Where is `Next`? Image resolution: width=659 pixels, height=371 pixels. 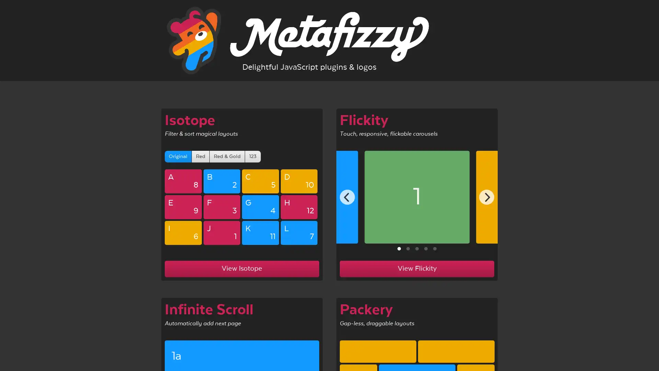 Next is located at coordinates (486, 197).